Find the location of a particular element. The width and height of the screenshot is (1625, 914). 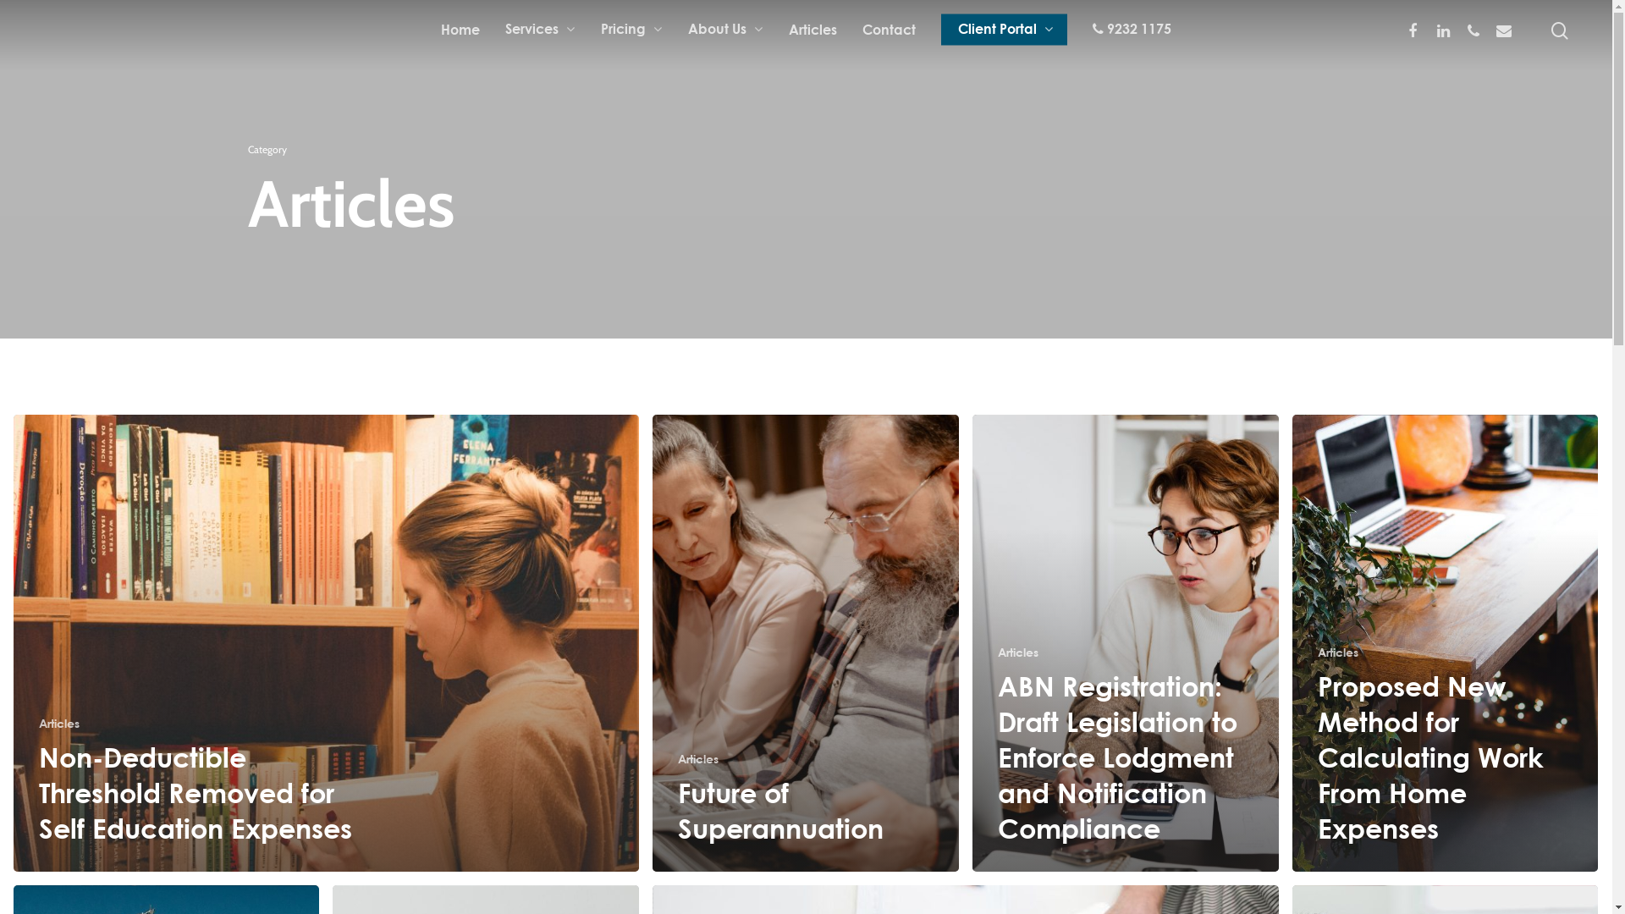

'Services' is located at coordinates (539, 29).